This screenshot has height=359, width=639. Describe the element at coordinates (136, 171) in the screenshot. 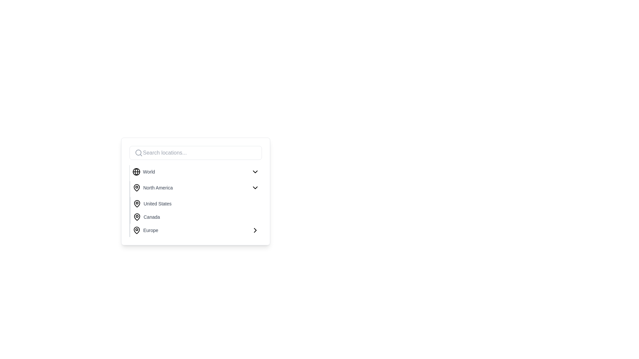

I see `the globe icon in the dropdown menu located to the left of the text 'World'. This icon visually represents a global selection and is part of the interface but does not have direct interactivity` at that location.